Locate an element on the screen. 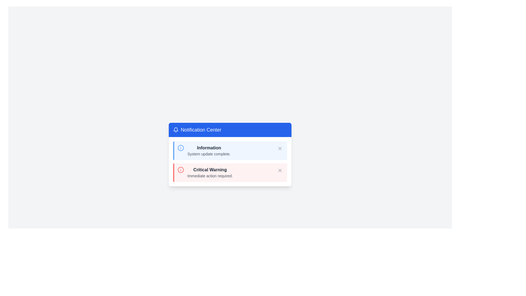 The width and height of the screenshot is (526, 296). the Notification card with the title 'Notification Center', which is centered in the viewport and contains a blue notification block labeled 'Information' is located at coordinates (230, 154).